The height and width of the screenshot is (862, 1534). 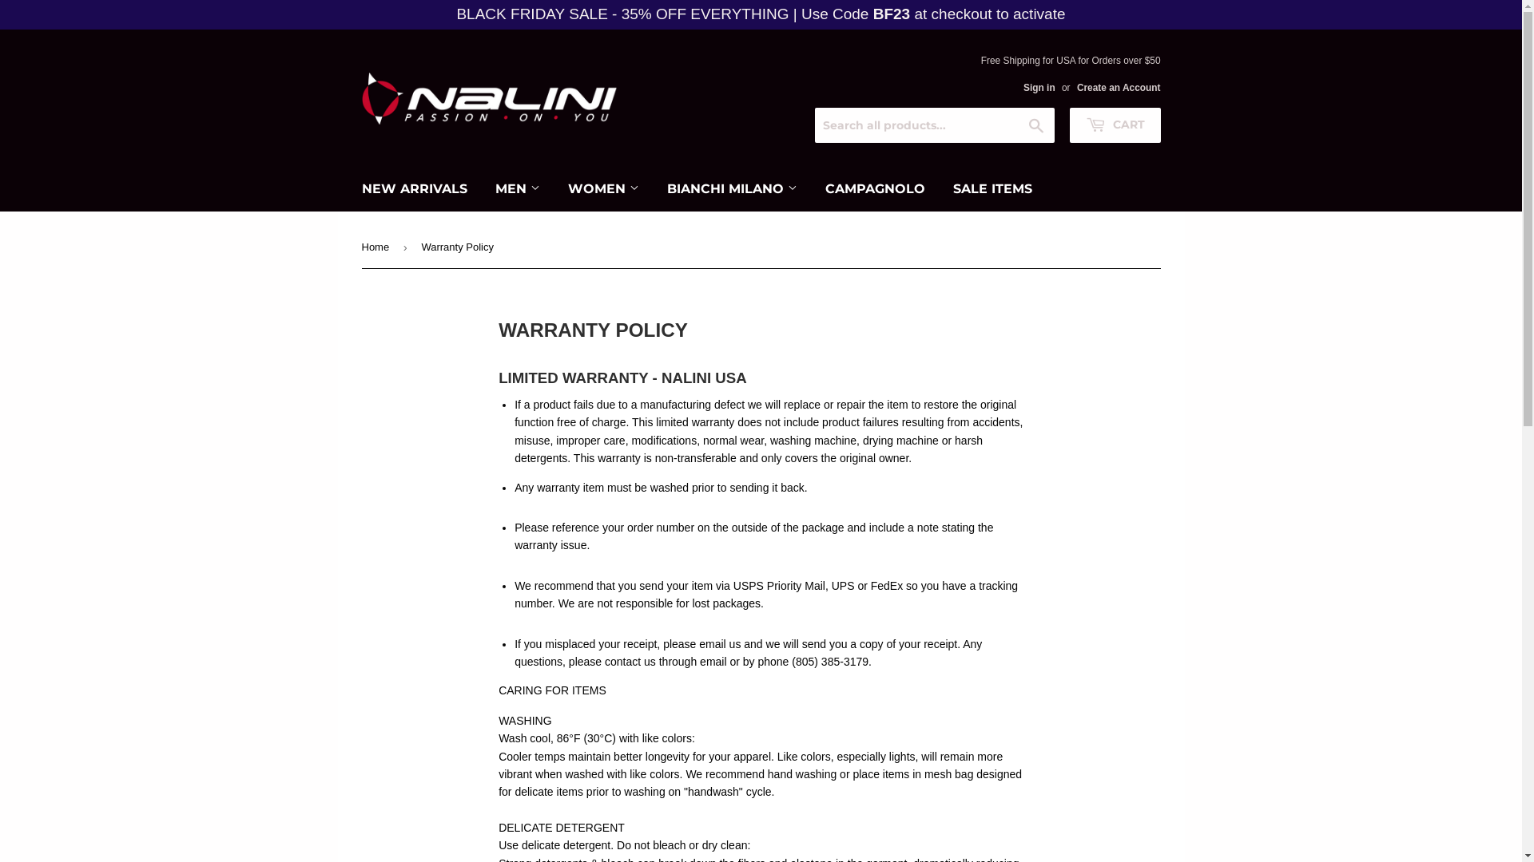 What do you see at coordinates (731, 188) in the screenshot?
I see `'BIANCHI MILANO'` at bounding box center [731, 188].